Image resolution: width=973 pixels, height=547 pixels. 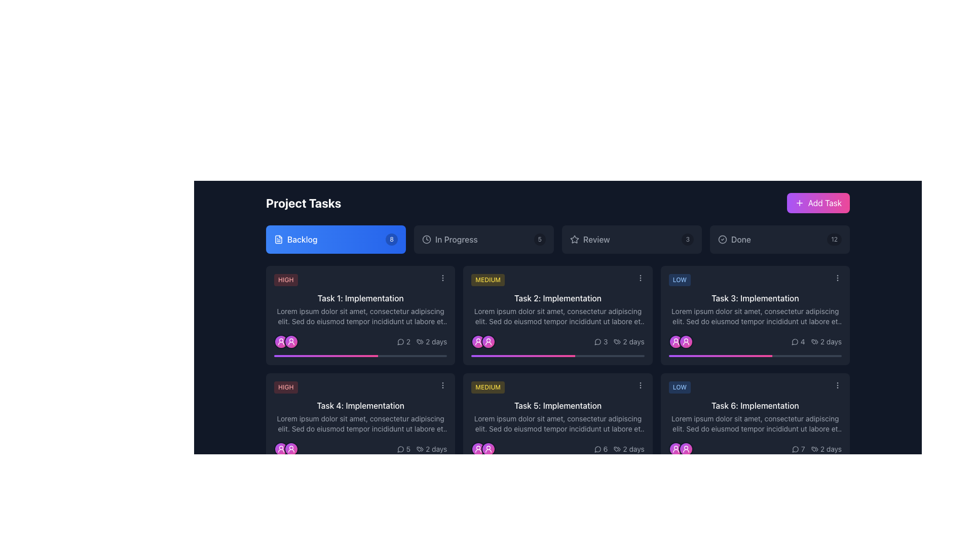 What do you see at coordinates (291, 342) in the screenshot?
I see `the user associated with the task represented by the icon located in the first column of the grid-style task board, specifically under the 'Backlog' section` at bounding box center [291, 342].